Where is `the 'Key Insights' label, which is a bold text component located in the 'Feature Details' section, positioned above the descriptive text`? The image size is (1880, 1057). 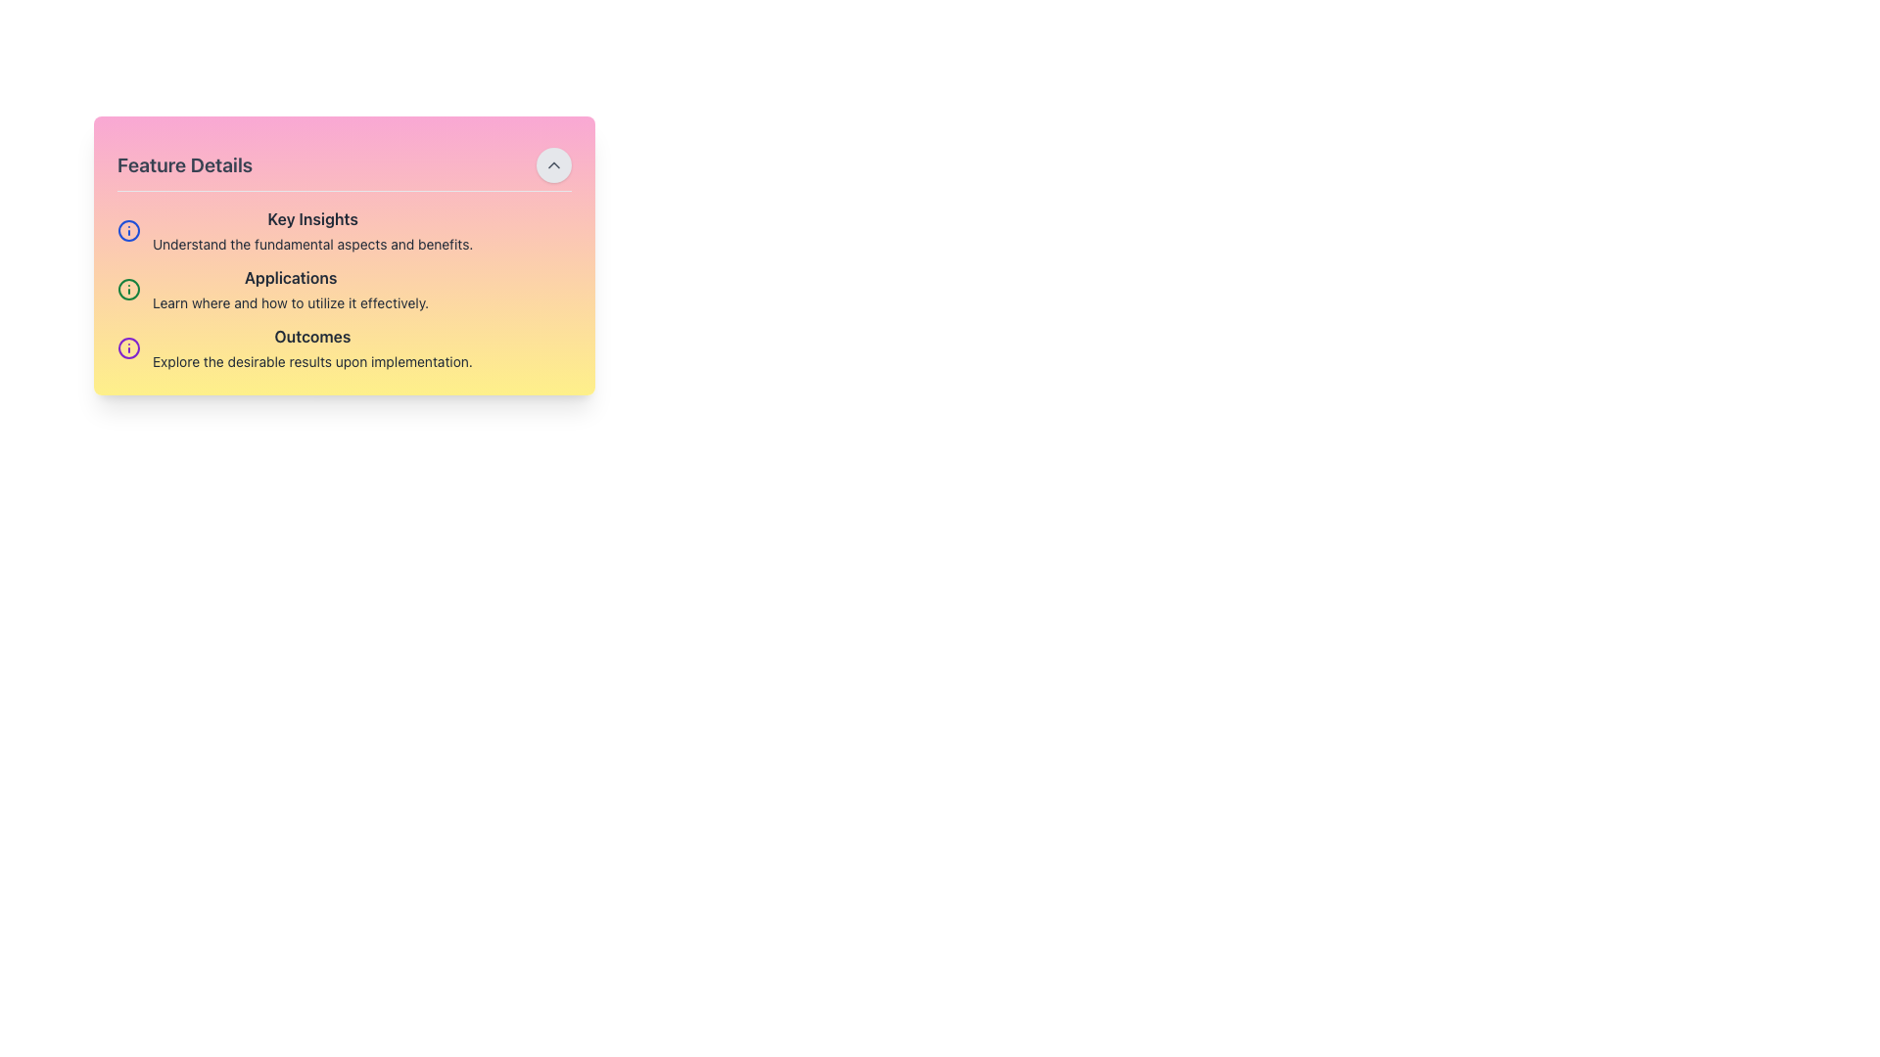 the 'Key Insights' label, which is a bold text component located in the 'Feature Details' section, positioned above the descriptive text is located at coordinates (311, 218).